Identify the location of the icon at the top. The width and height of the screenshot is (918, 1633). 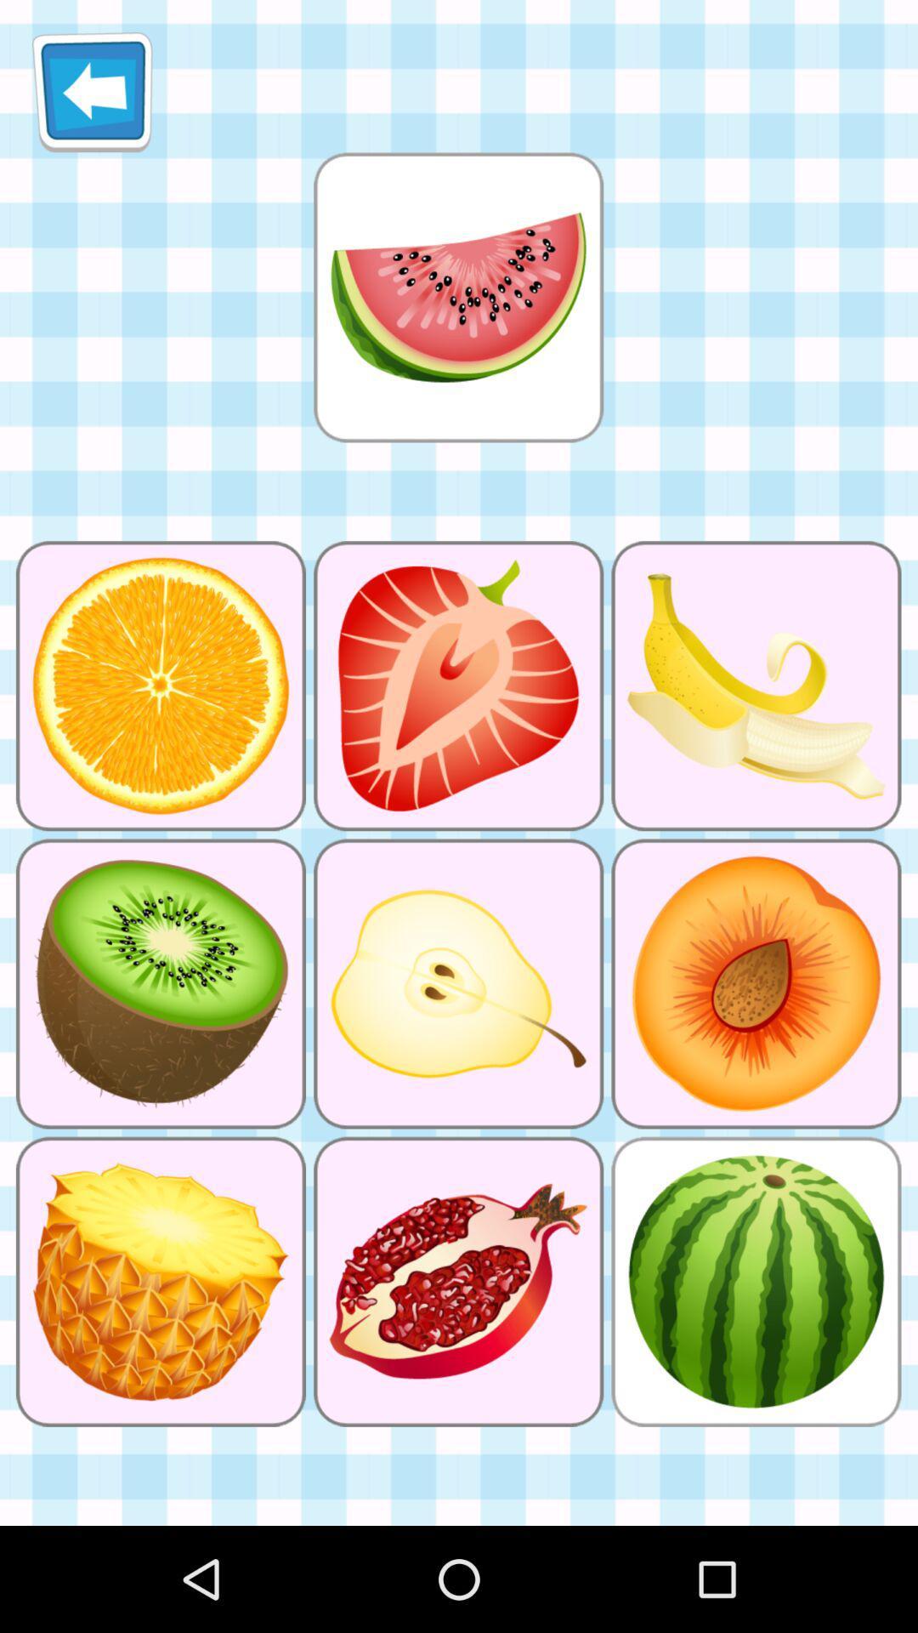
(457, 297).